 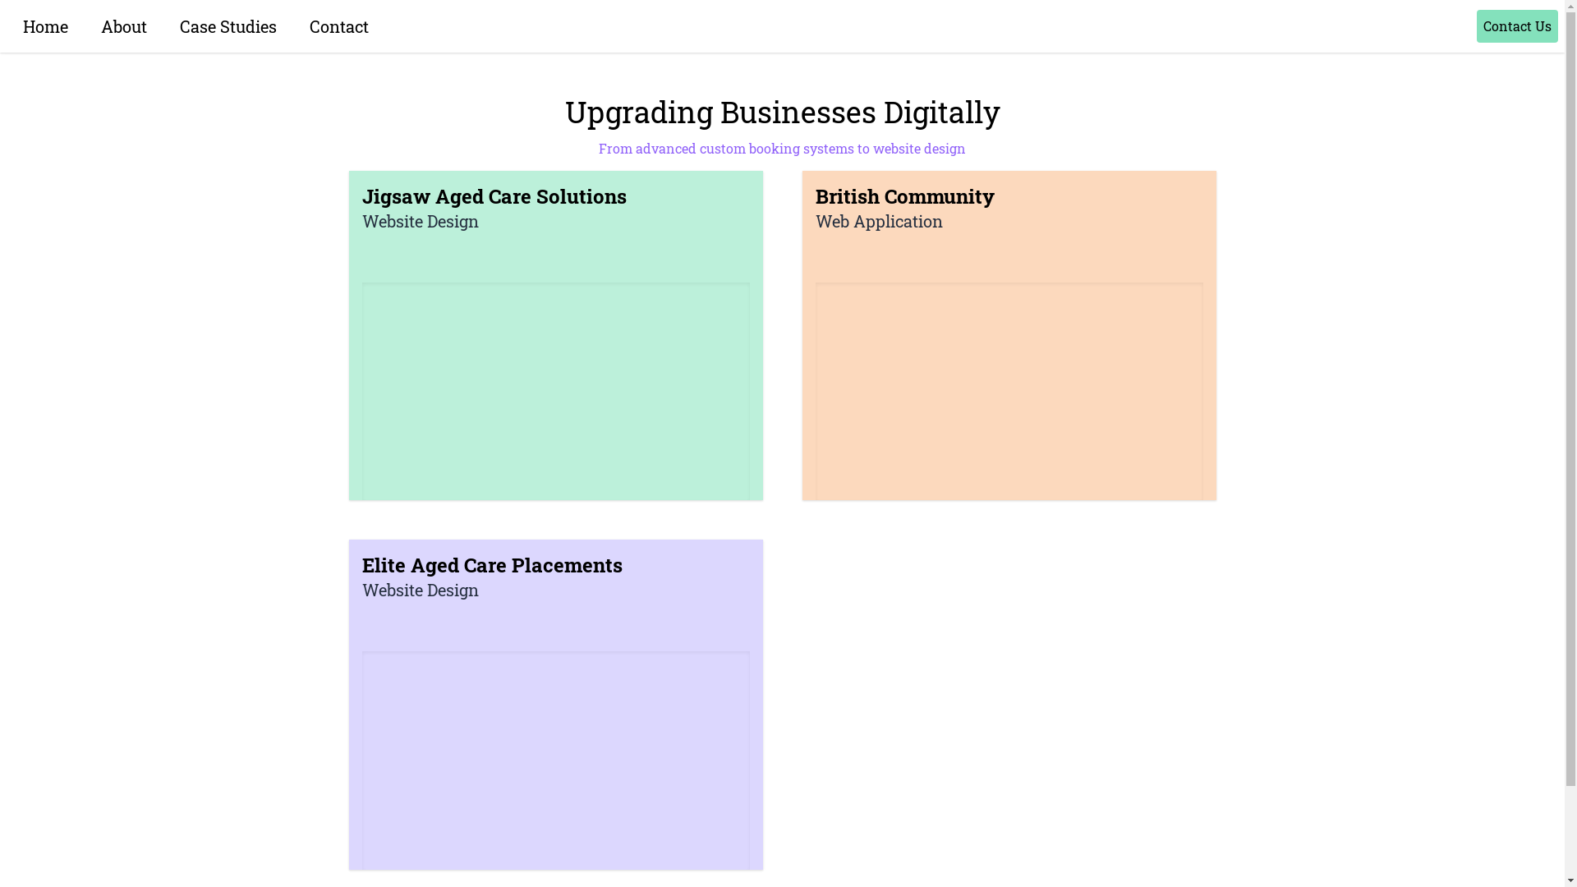 I want to click on 'Contact Us', so click(x=1516, y=25).